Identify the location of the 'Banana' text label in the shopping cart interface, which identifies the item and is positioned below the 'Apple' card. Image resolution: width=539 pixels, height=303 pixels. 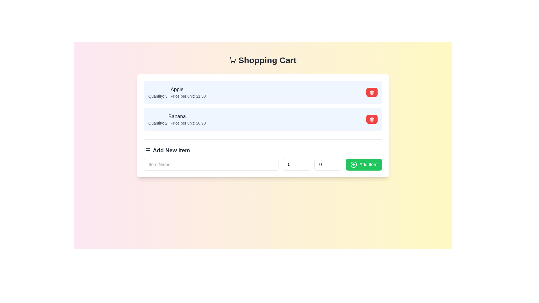
(177, 116).